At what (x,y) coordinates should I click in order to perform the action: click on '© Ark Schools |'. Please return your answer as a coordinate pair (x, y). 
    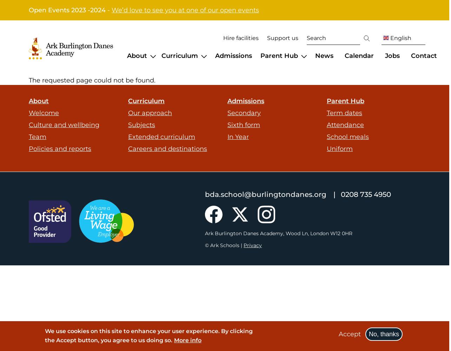
    Looking at the image, I should click on (224, 245).